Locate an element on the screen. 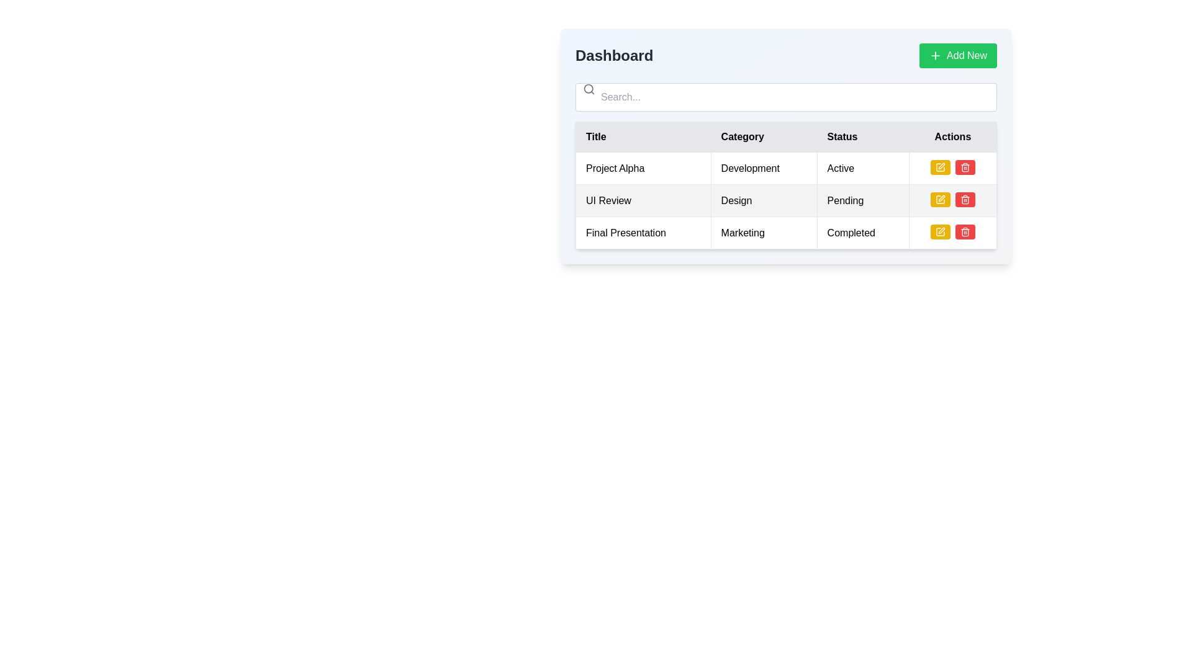  the third row of the table that displays data for a project, including its title, category, and status is located at coordinates (785, 233).